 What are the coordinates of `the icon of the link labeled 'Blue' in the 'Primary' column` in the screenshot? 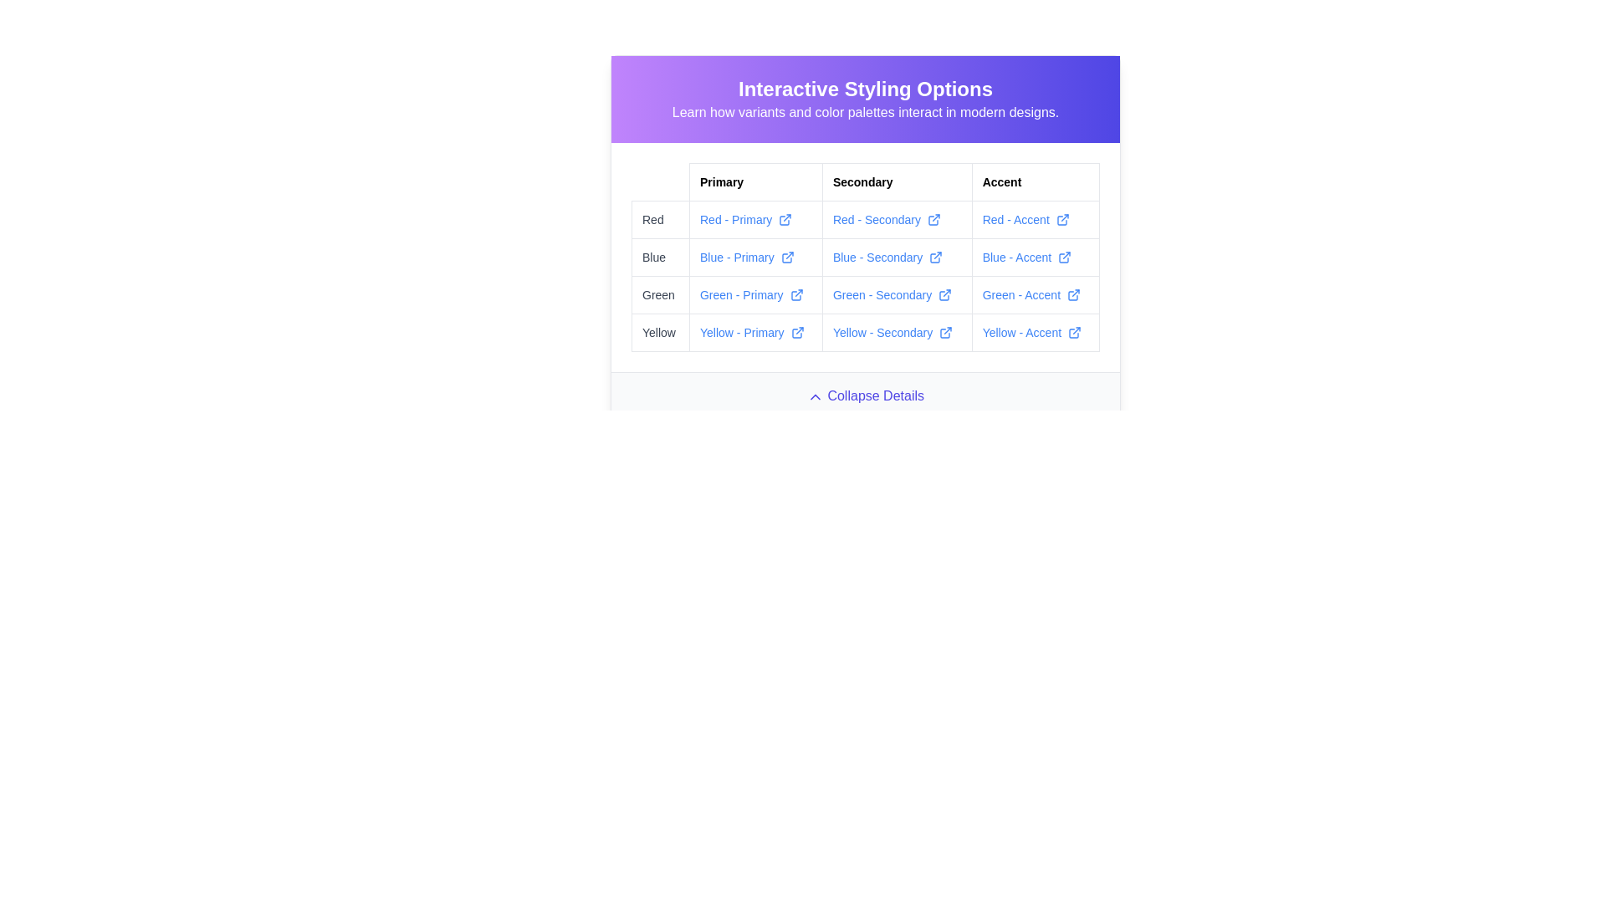 It's located at (754, 258).